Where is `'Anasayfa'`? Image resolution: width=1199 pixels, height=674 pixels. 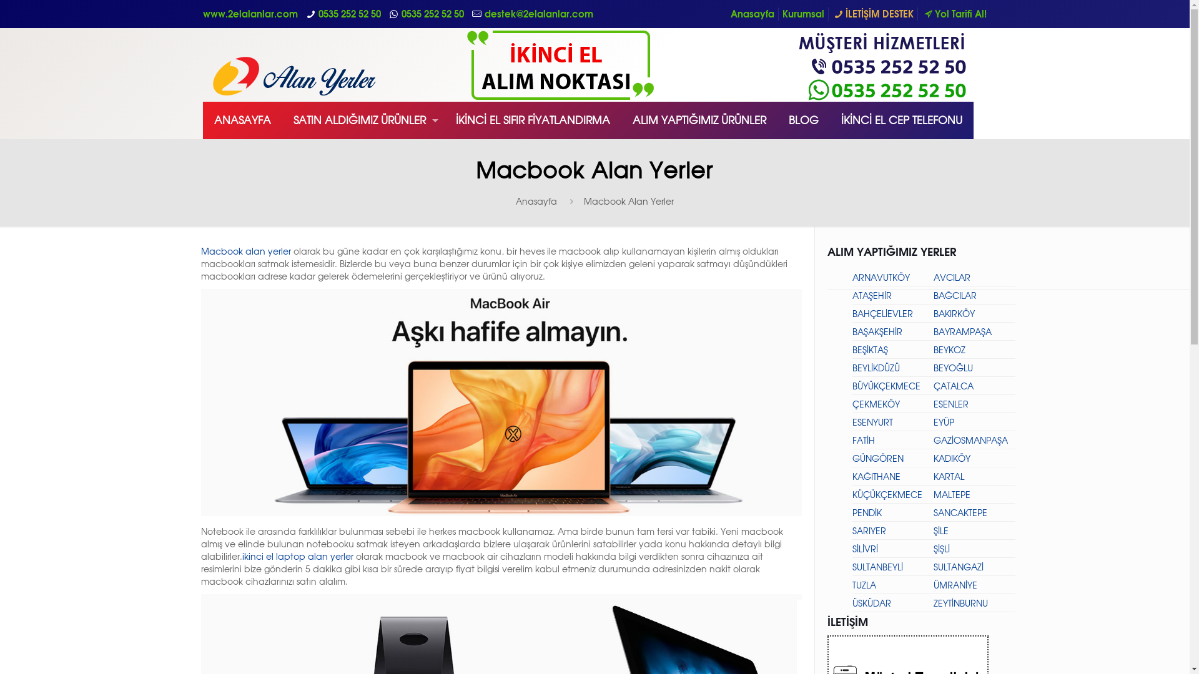 'Anasayfa' is located at coordinates (536, 200).